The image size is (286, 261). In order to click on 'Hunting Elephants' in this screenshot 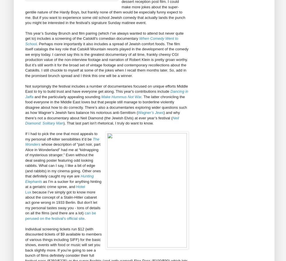, I will do `click(25, 179)`.